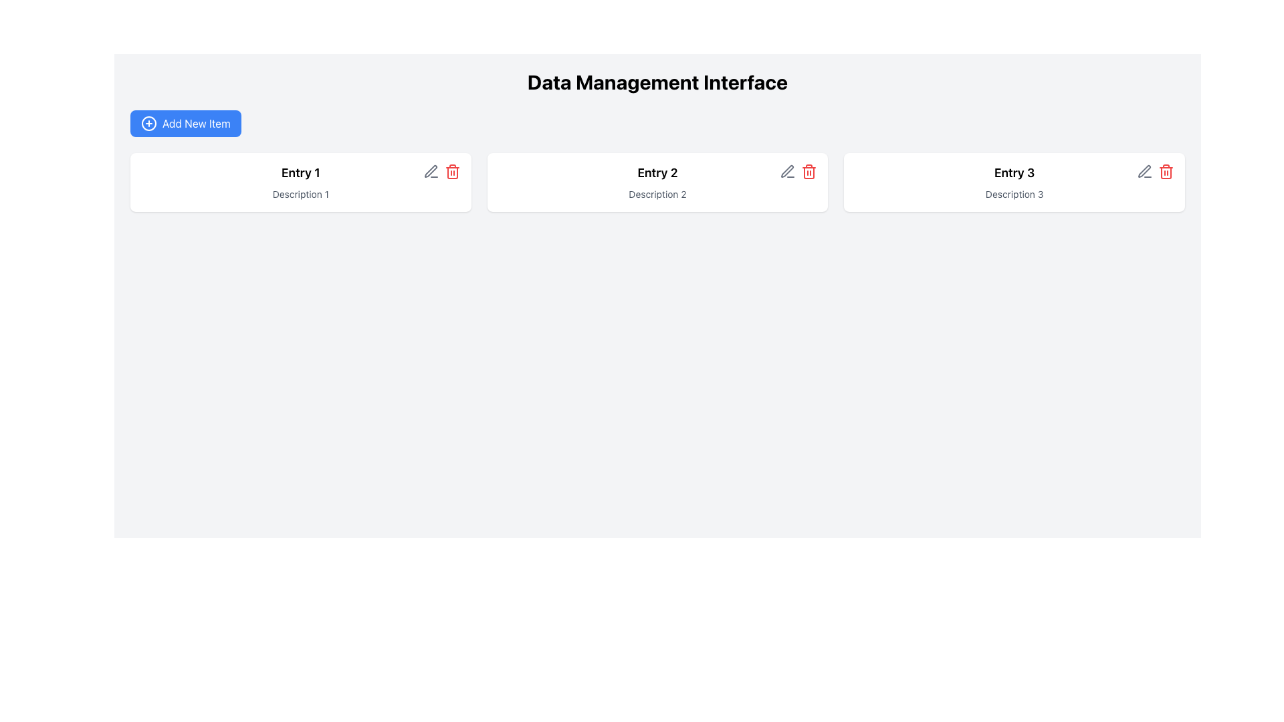  I want to click on the red trash can icon button located at the top-right corner of the card labeled 'Entry 2', so click(808, 171).